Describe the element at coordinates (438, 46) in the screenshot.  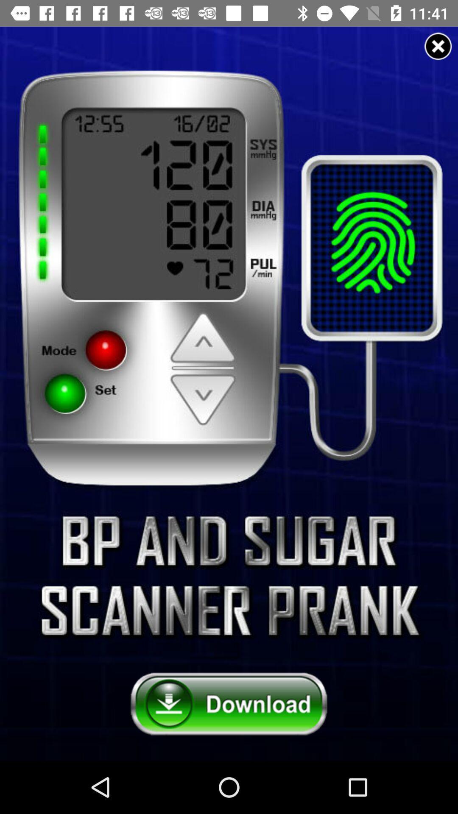
I see `the icon at the top right corner` at that location.